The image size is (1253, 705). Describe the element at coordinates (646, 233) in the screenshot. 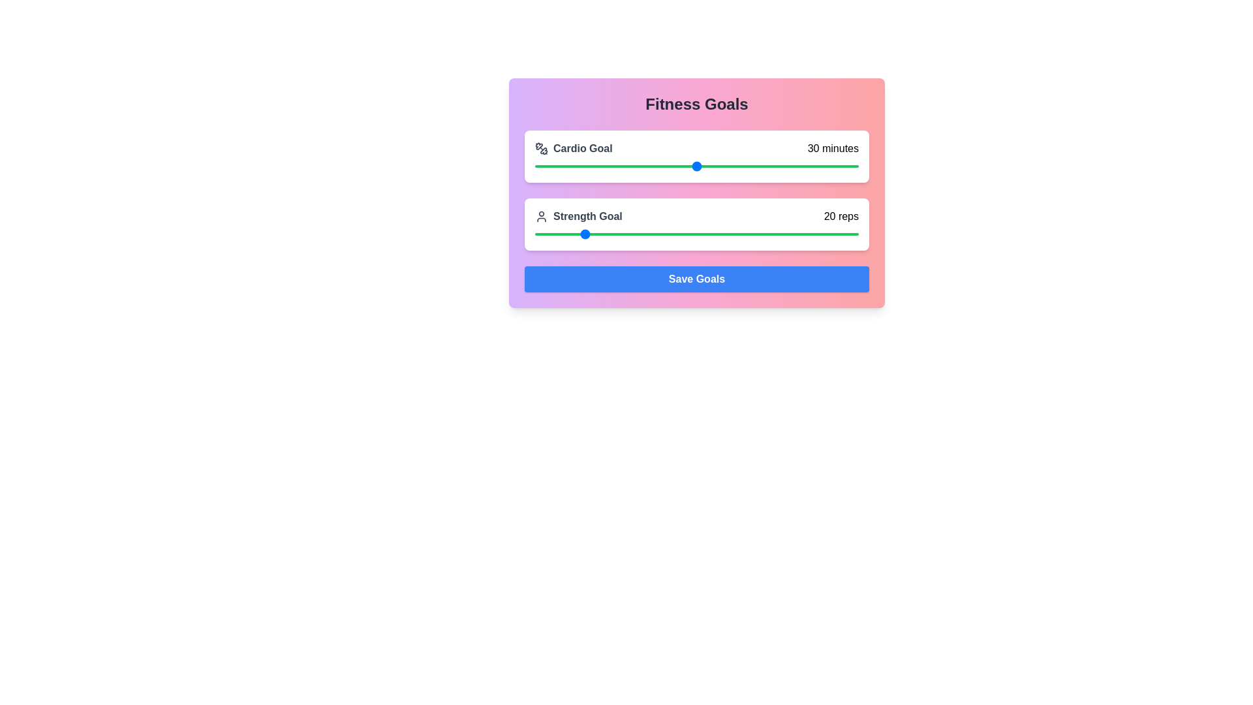

I see `the strength goal` at that location.